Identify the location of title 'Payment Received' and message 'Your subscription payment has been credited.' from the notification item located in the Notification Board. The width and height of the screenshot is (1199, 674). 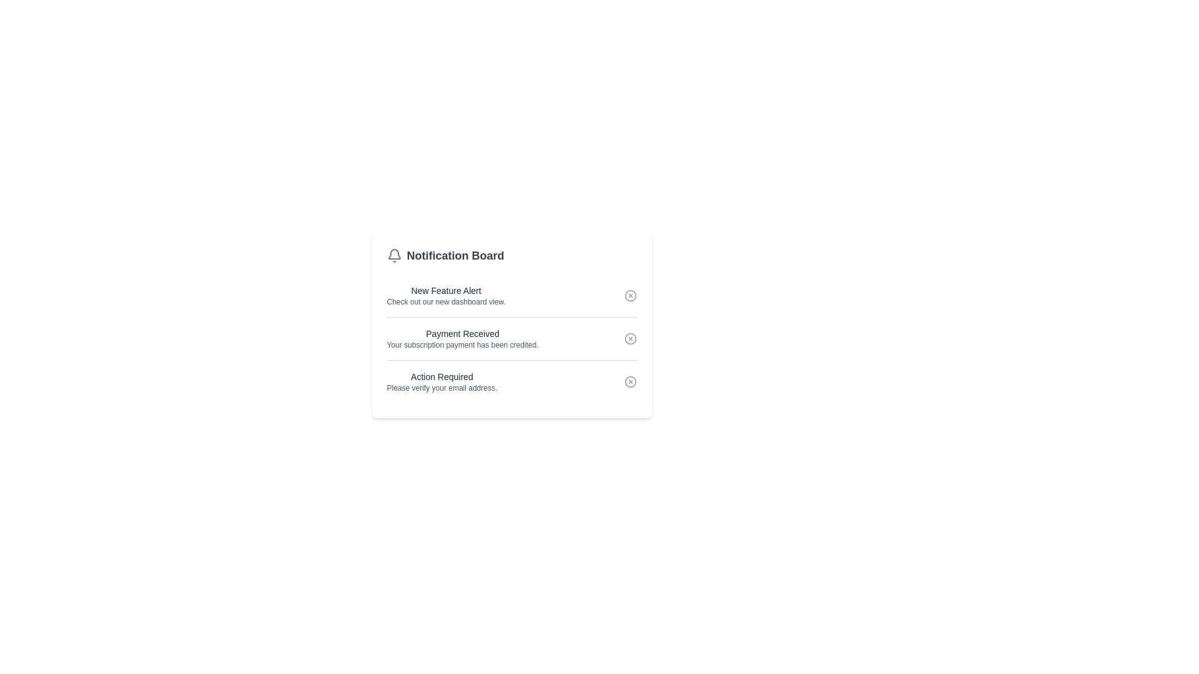
(511, 338).